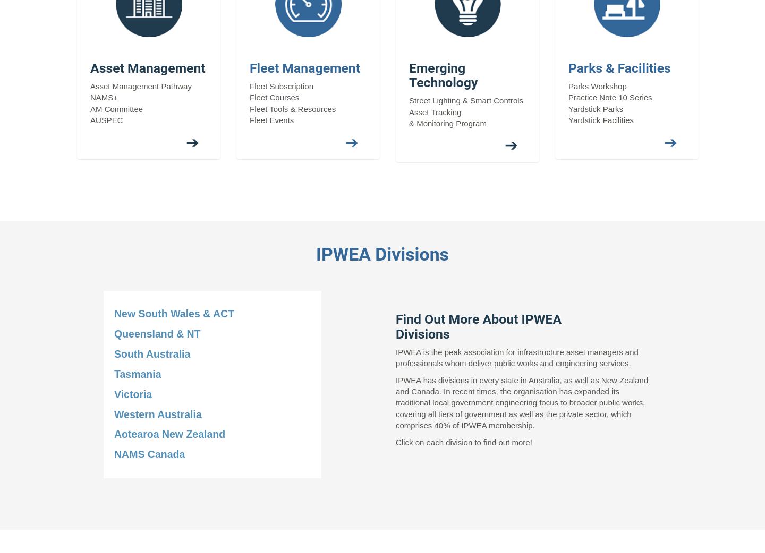  I want to click on 'AUSPEC', so click(106, 119).